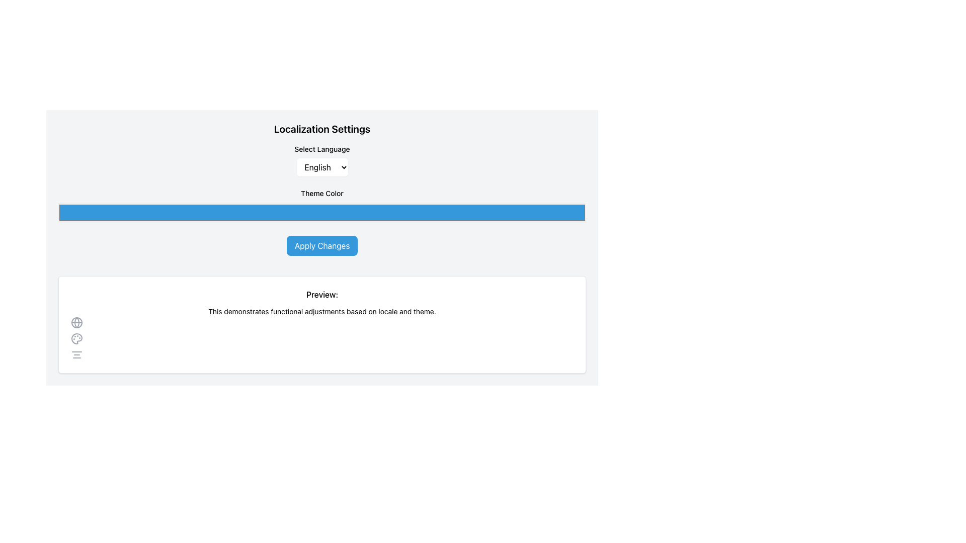 This screenshot has height=543, width=966. What do you see at coordinates (322, 205) in the screenshot?
I see `the color picker located below the 'Select Language' section and above the 'Apply Changes' button` at bounding box center [322, 205].